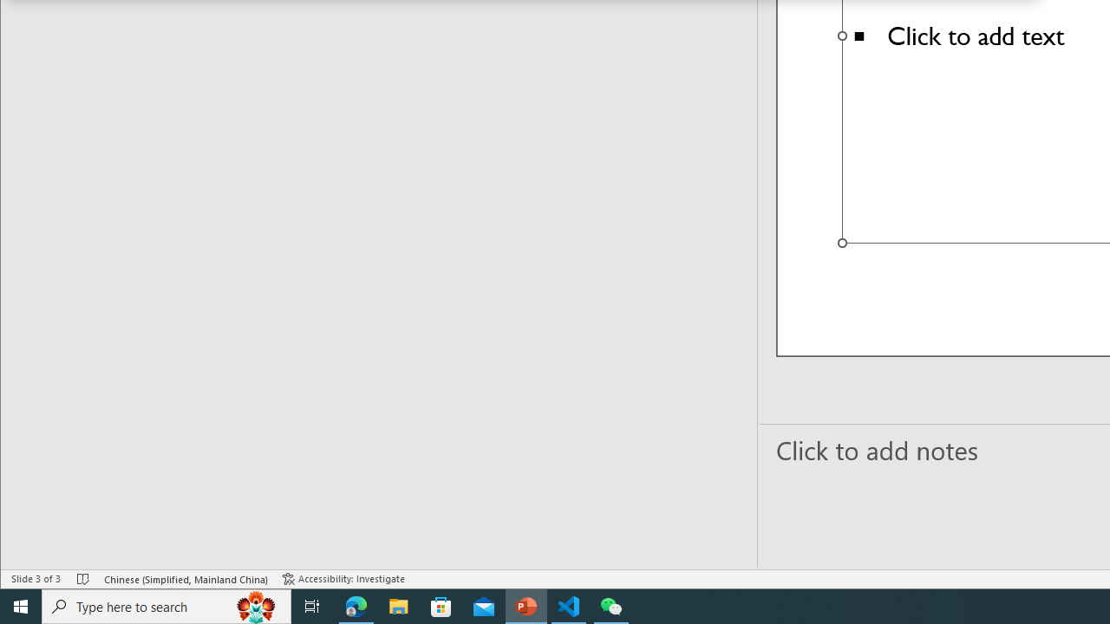 The image size is (1110, 624). Describe the element at coordinates (166, 605) in the screenshot. I see `'Type here to search'` at that location.